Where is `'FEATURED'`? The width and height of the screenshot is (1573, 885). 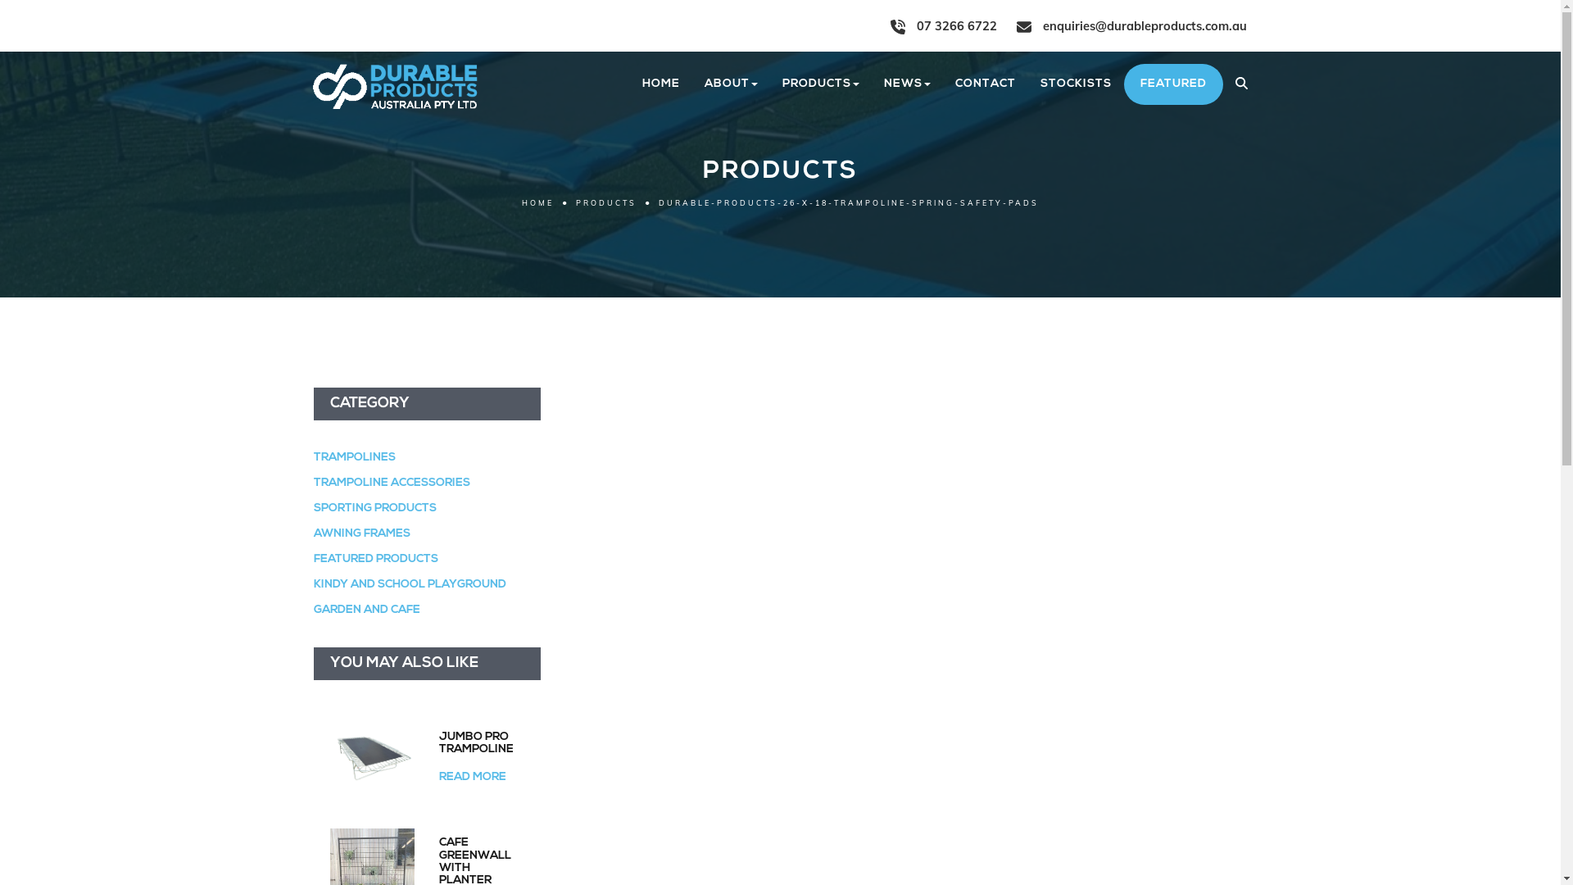 'FEATURED' is located at coordinates (1172, 84).